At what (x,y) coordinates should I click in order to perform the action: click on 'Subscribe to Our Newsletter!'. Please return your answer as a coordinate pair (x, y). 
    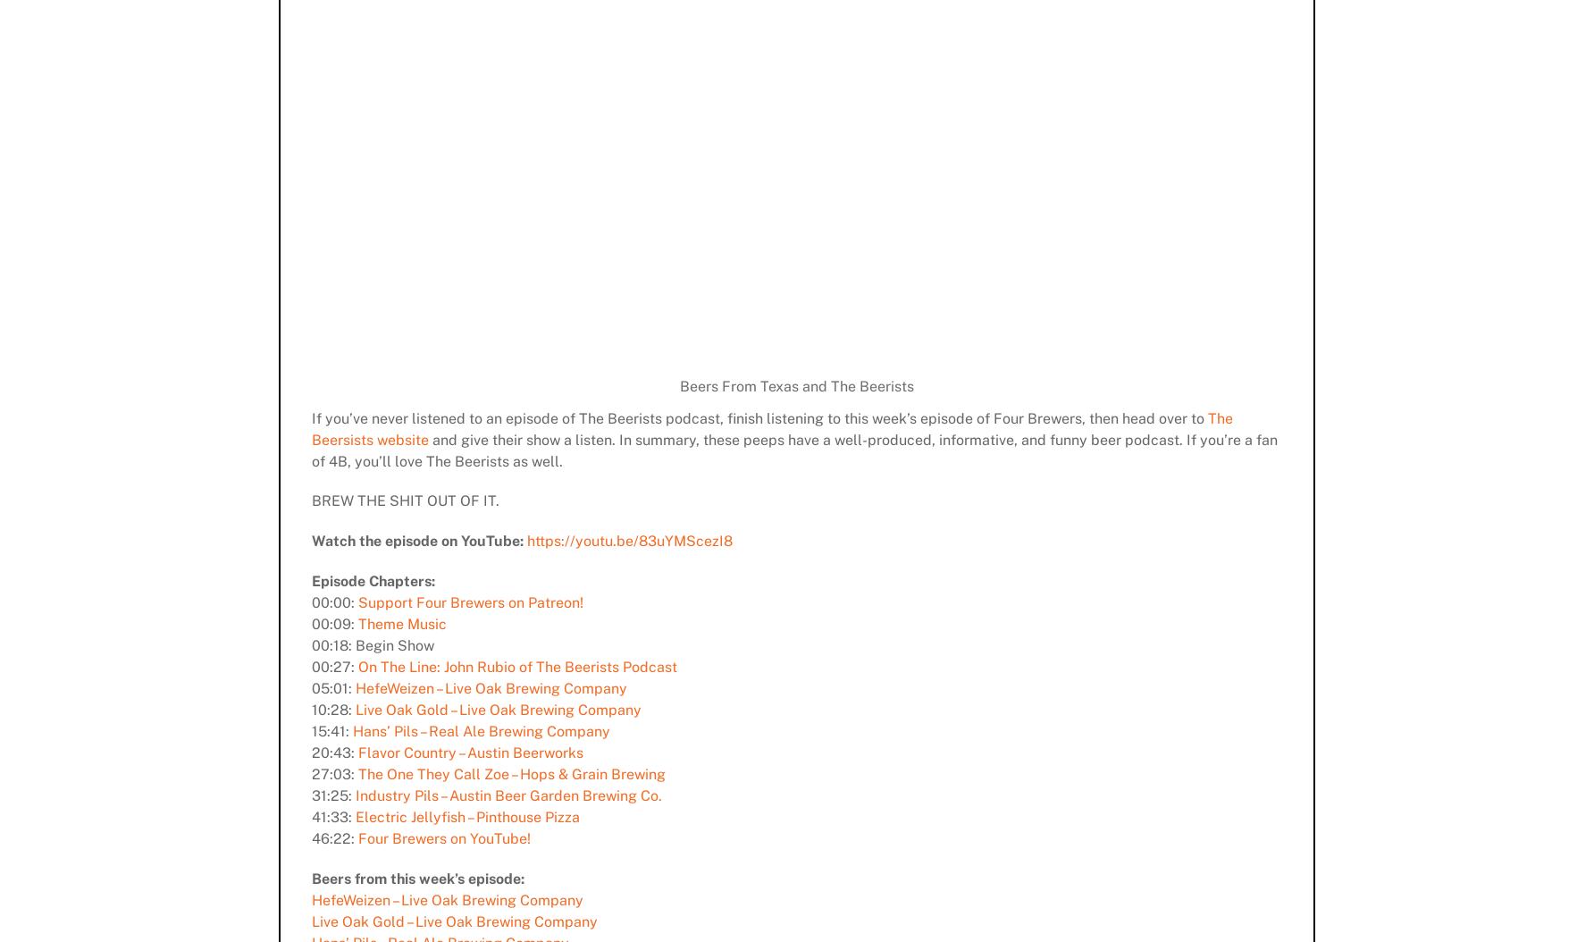
    Looking at the image, I should click on (983, 741).